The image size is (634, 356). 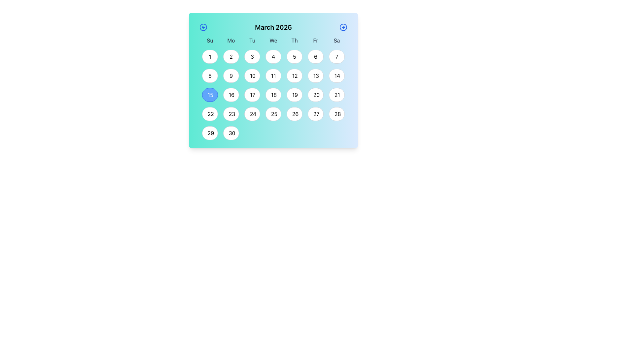 What do you see at coordinates (294, 75) in the screenshot?
I see `the circular button with a white background and black '12' text, located in the calendar grid for Thursday of the second week` at bounding box center [294, 75].